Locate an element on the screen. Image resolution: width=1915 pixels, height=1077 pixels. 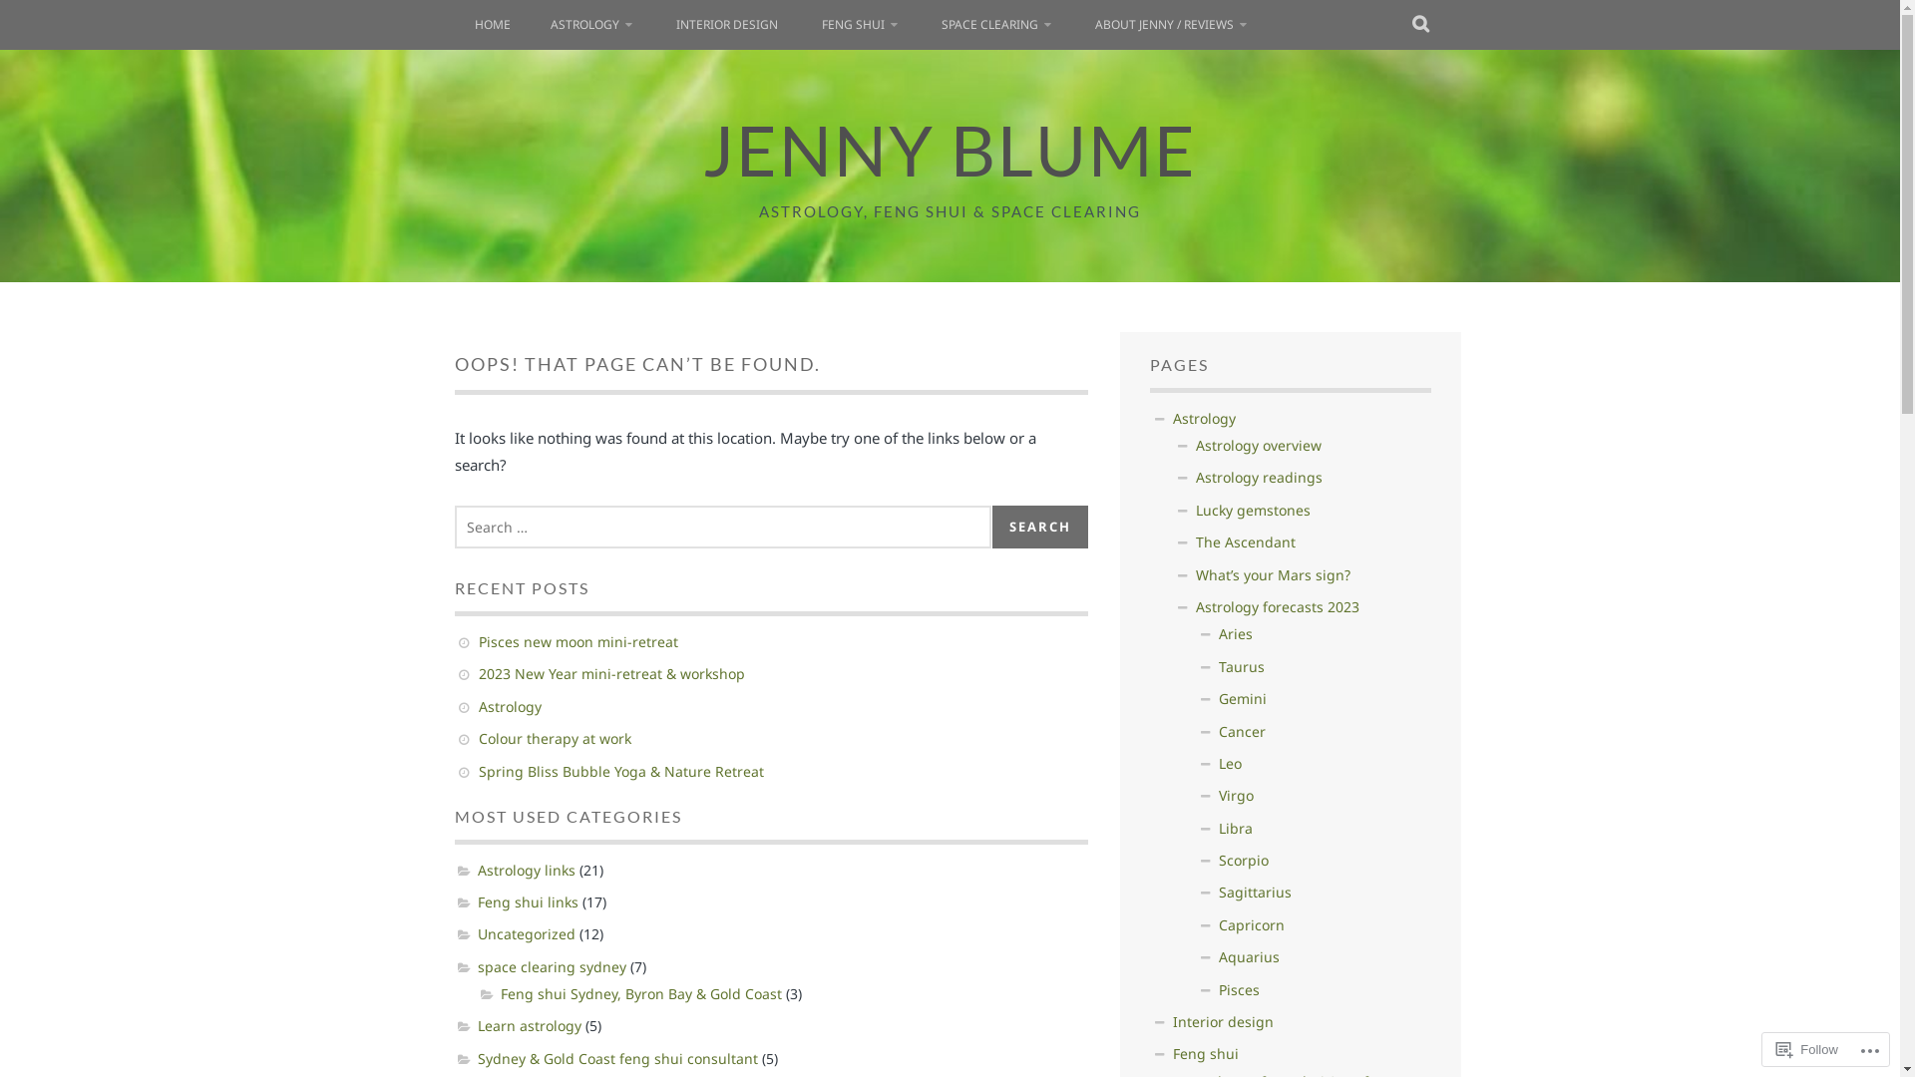
'Sagittarius' is located at coordinates (1254, 891).